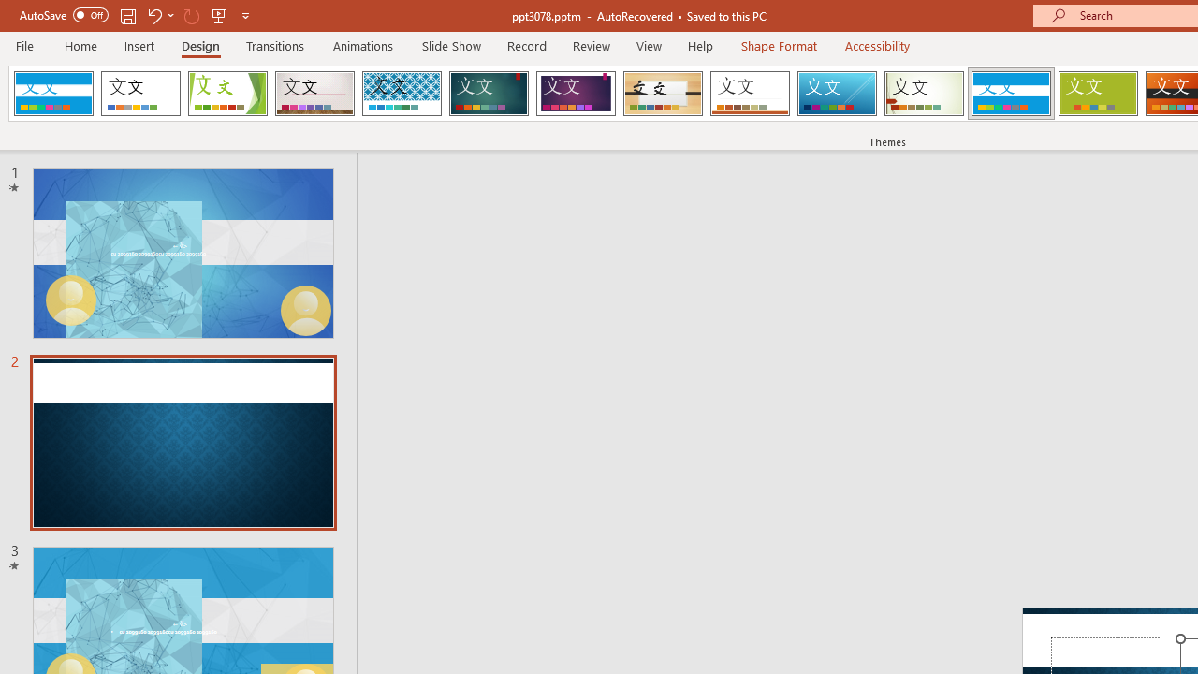  I want to click on 'Ion', so click(489, 94).